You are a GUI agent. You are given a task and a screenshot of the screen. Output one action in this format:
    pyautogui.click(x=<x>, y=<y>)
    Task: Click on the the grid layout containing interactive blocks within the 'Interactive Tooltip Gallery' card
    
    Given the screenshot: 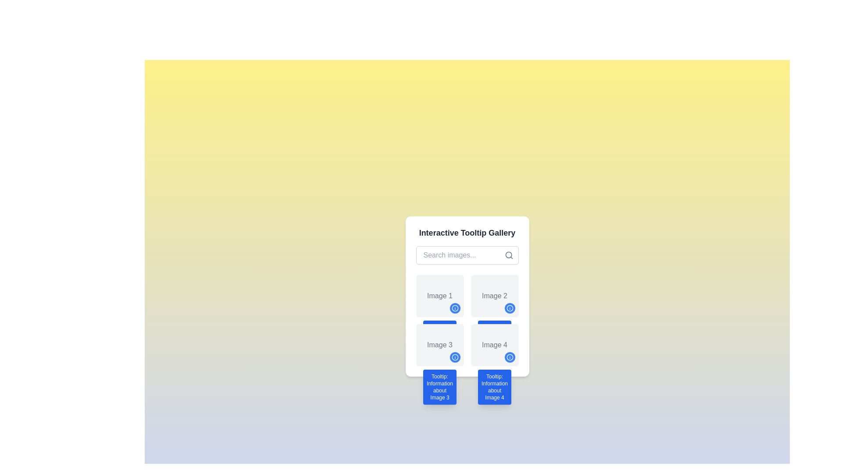 What is the action you would take?
    pyautogui.click(x=467, y=321)
    